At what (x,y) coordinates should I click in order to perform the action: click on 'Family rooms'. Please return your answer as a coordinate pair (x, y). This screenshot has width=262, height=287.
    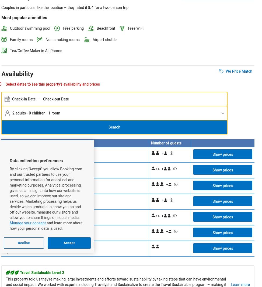
    Looking at the image, I should click on (10, 39).